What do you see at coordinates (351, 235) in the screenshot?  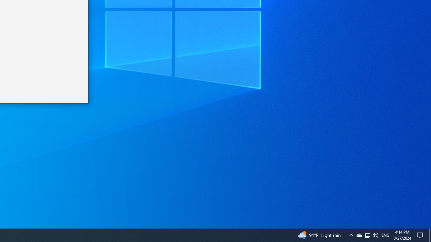 I see `'Notification Chevron'` at bounding box center [351, 235].